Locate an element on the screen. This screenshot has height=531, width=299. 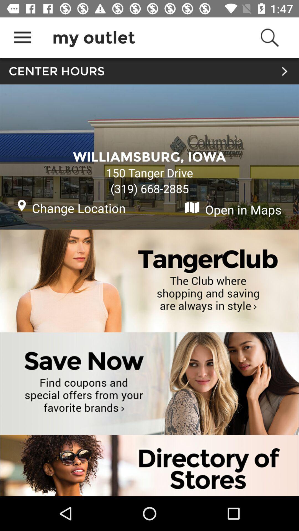
the item at the top left corner is located at coordinates (22, 37).